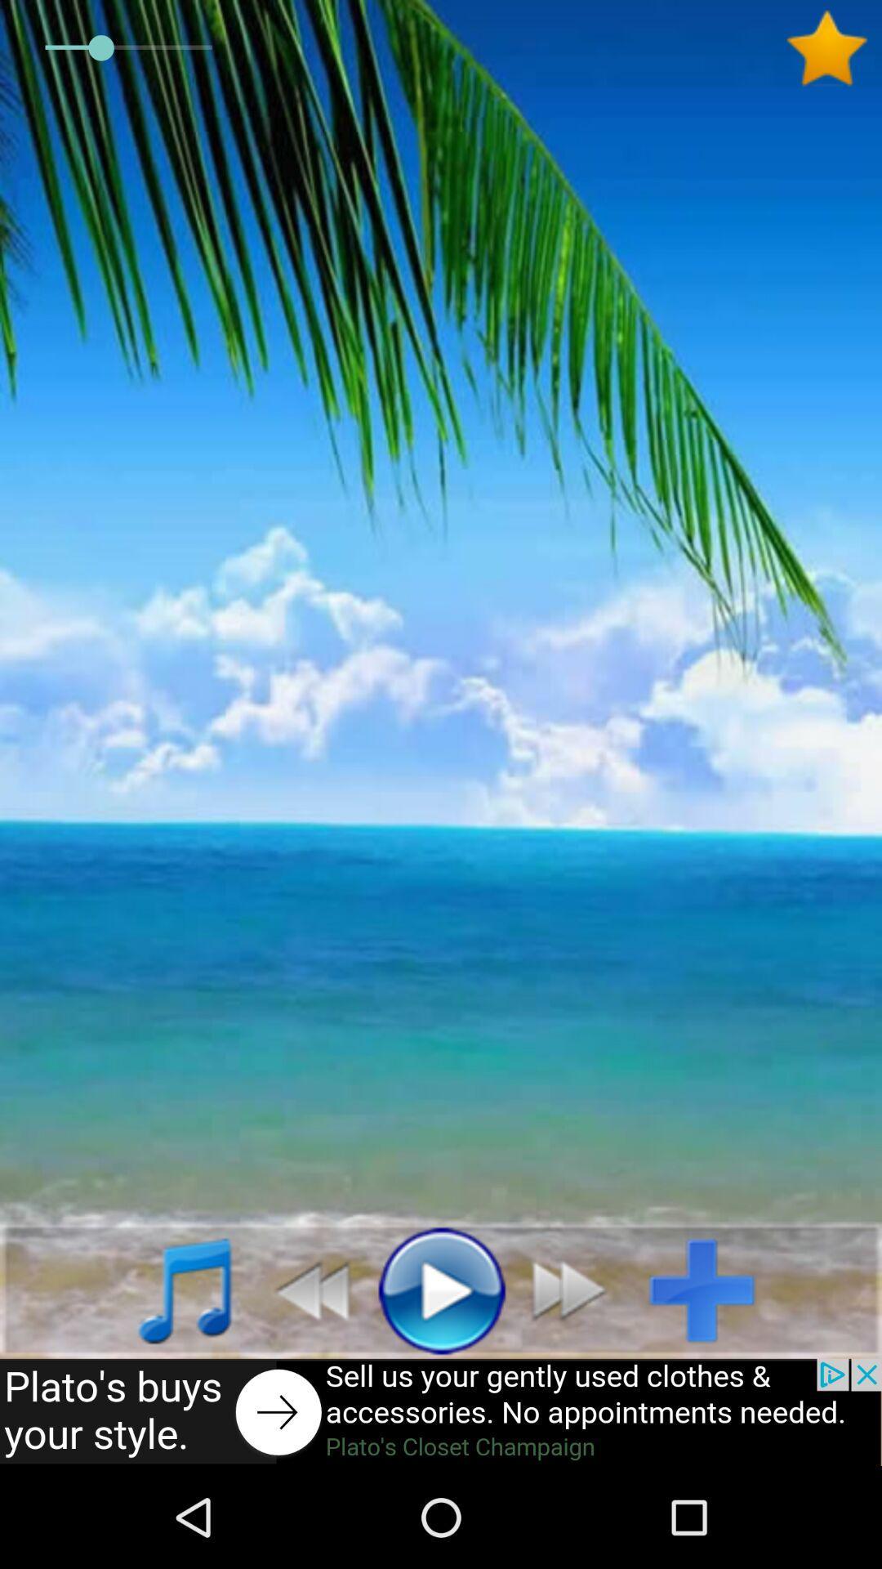 The image size is (882, 1569). Describe the element at coordinates (303, 1289) in the screenshot. I see `the av_rewind icon` at that location.